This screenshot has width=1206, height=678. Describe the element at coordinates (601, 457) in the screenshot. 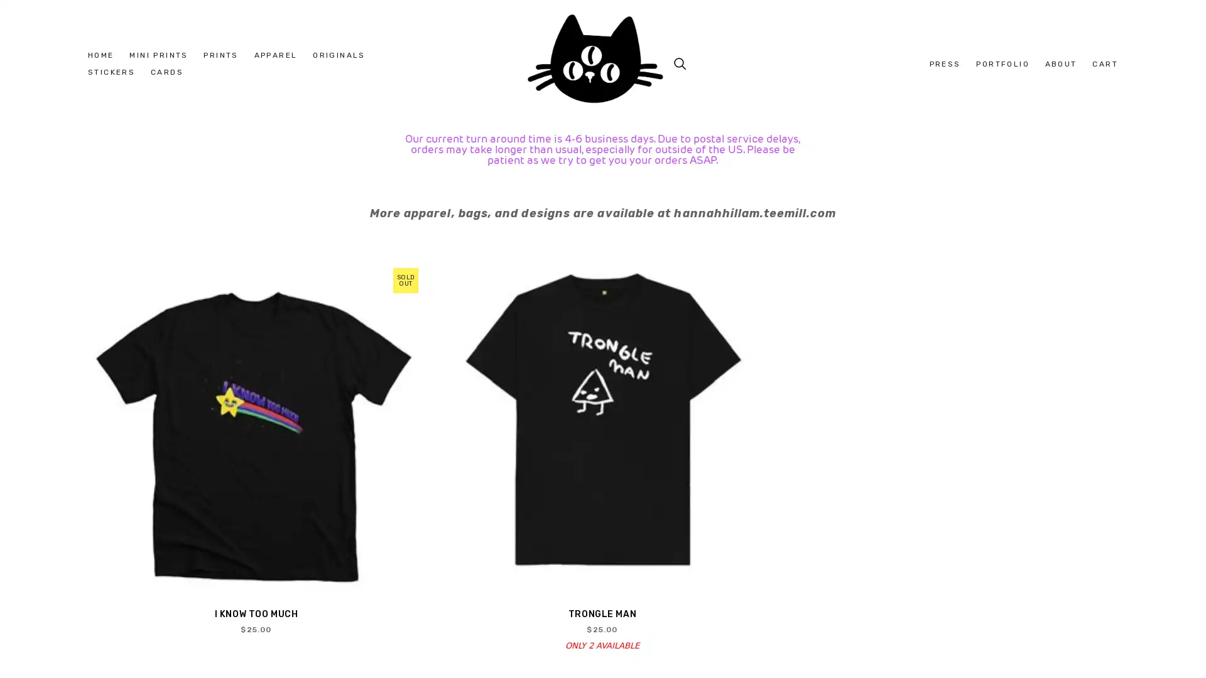

I see `QUICK VIEW` at that location.